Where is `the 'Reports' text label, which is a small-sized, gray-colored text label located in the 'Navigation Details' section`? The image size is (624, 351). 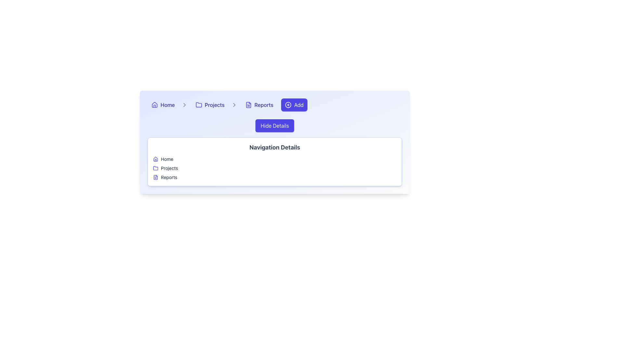 the 'Reports' text label, which is a small-sized, gray-colored text label located in the 'Navigation Details' section is located at coordinates (169, 177).